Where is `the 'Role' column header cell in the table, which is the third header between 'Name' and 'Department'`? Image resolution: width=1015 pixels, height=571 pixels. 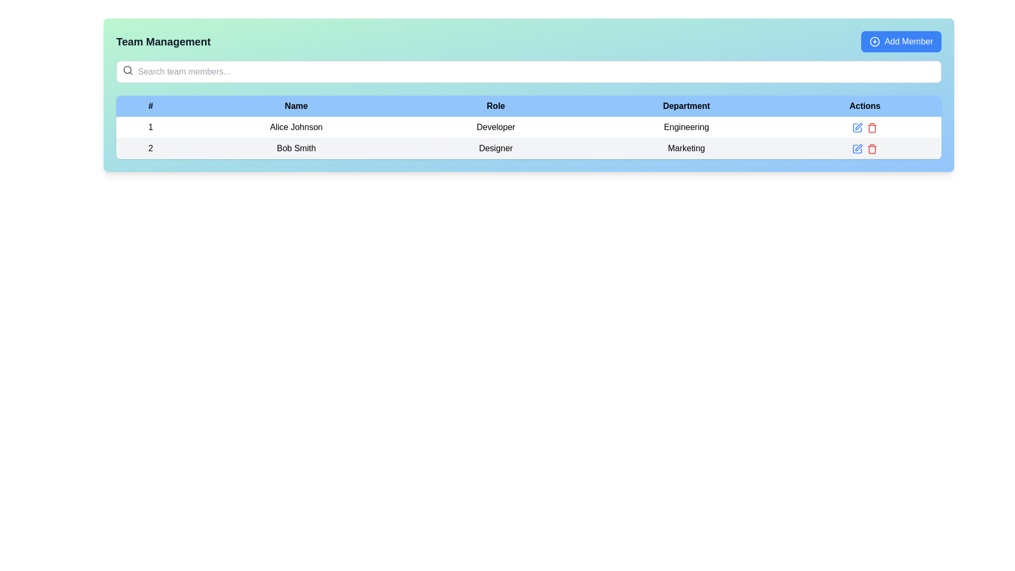 the 'Role' column header cell in the table, which is the third header between 'Name' and 'Department' is located at coordinates (495, 106).